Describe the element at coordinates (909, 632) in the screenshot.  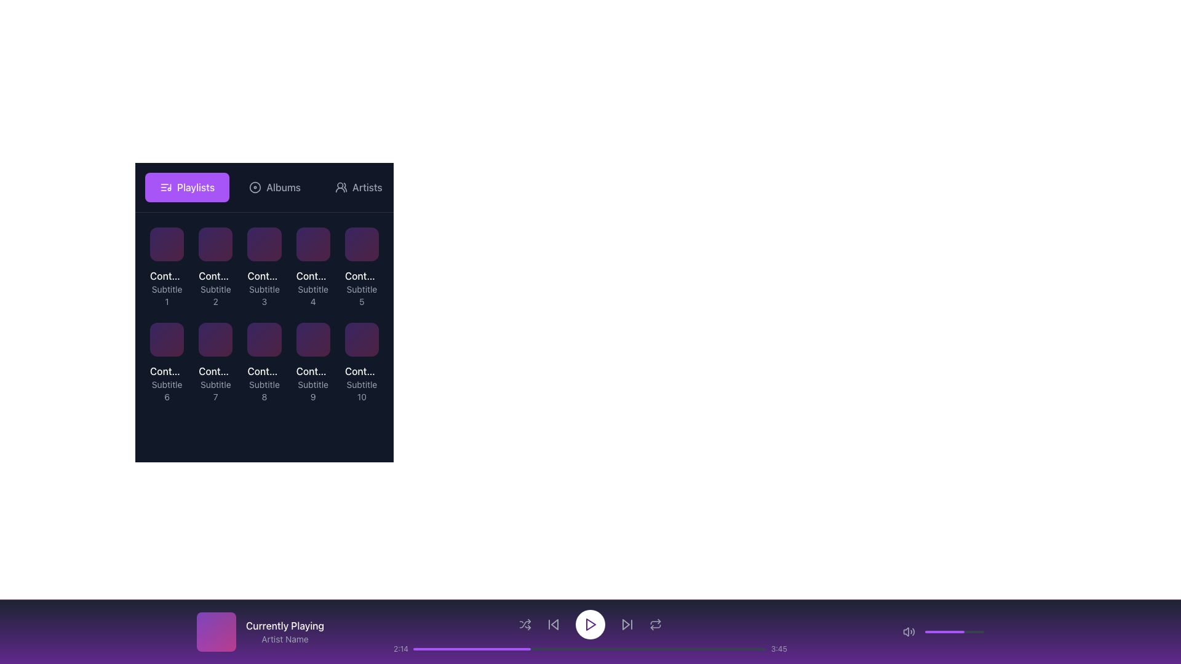
I see `the speaker icon button located in the bottom right corner of the interface to mute or unmute audio` at that location.